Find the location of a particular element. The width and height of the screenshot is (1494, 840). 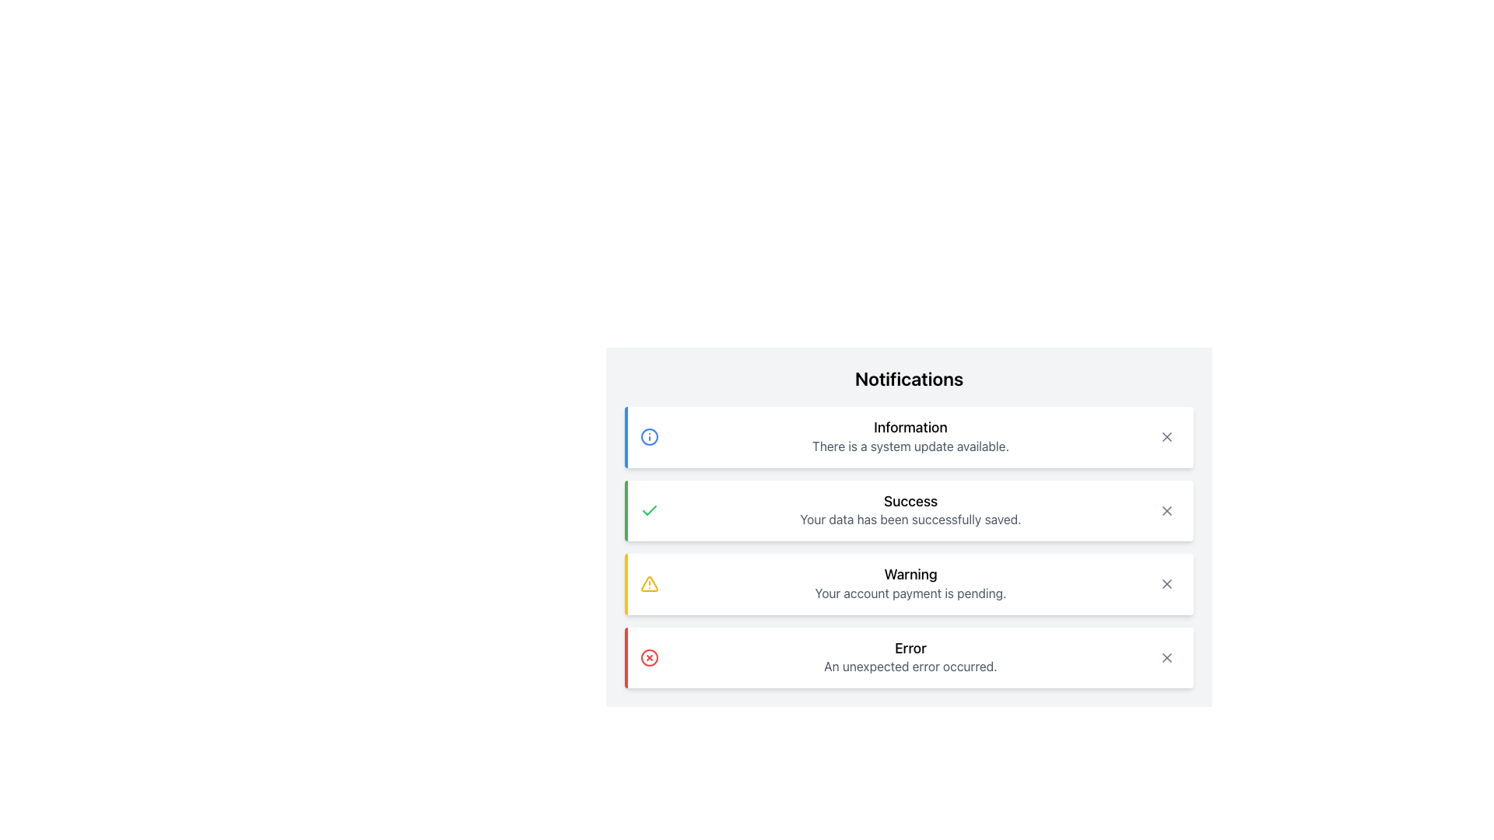

the dismiss button located at the far right corner of the 'Information' notification card is located at coordinates (1166, 437).